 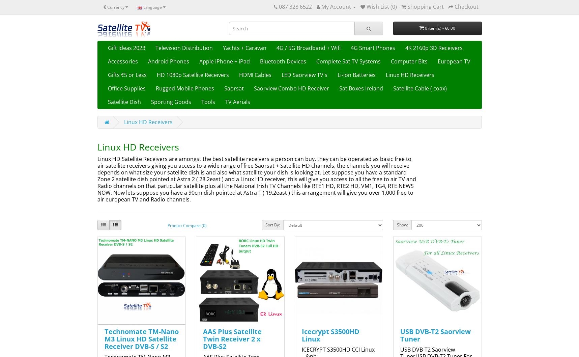 I want to click on 'Show:', so click(x=402, y=224).